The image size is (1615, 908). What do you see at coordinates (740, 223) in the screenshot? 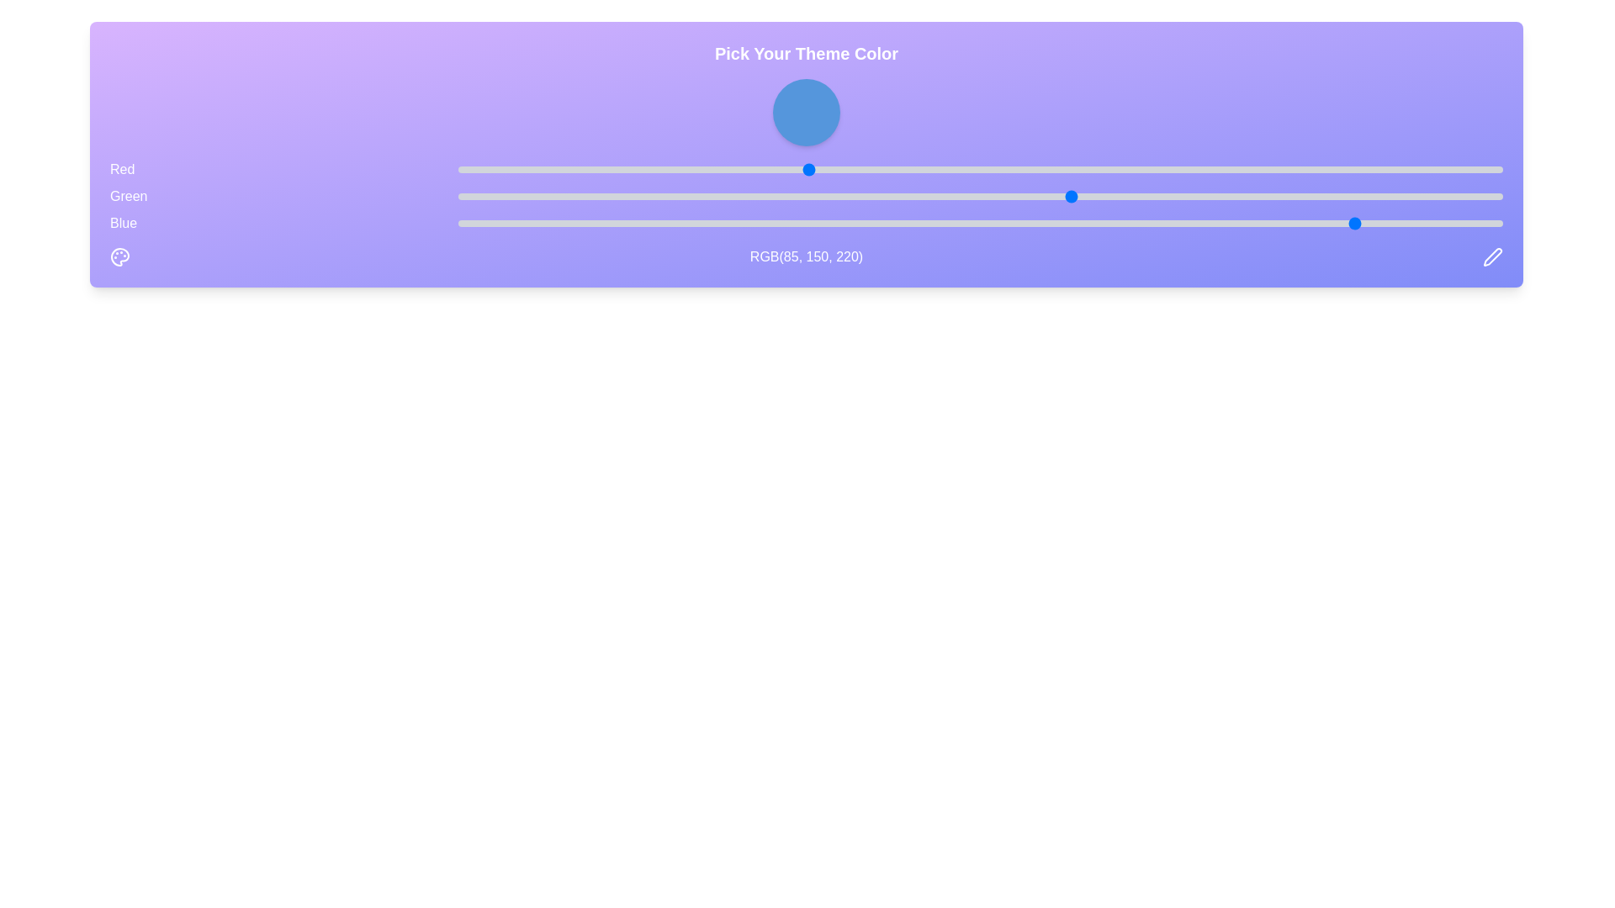
I see `the Blue value` at bounding box center [740, 223].